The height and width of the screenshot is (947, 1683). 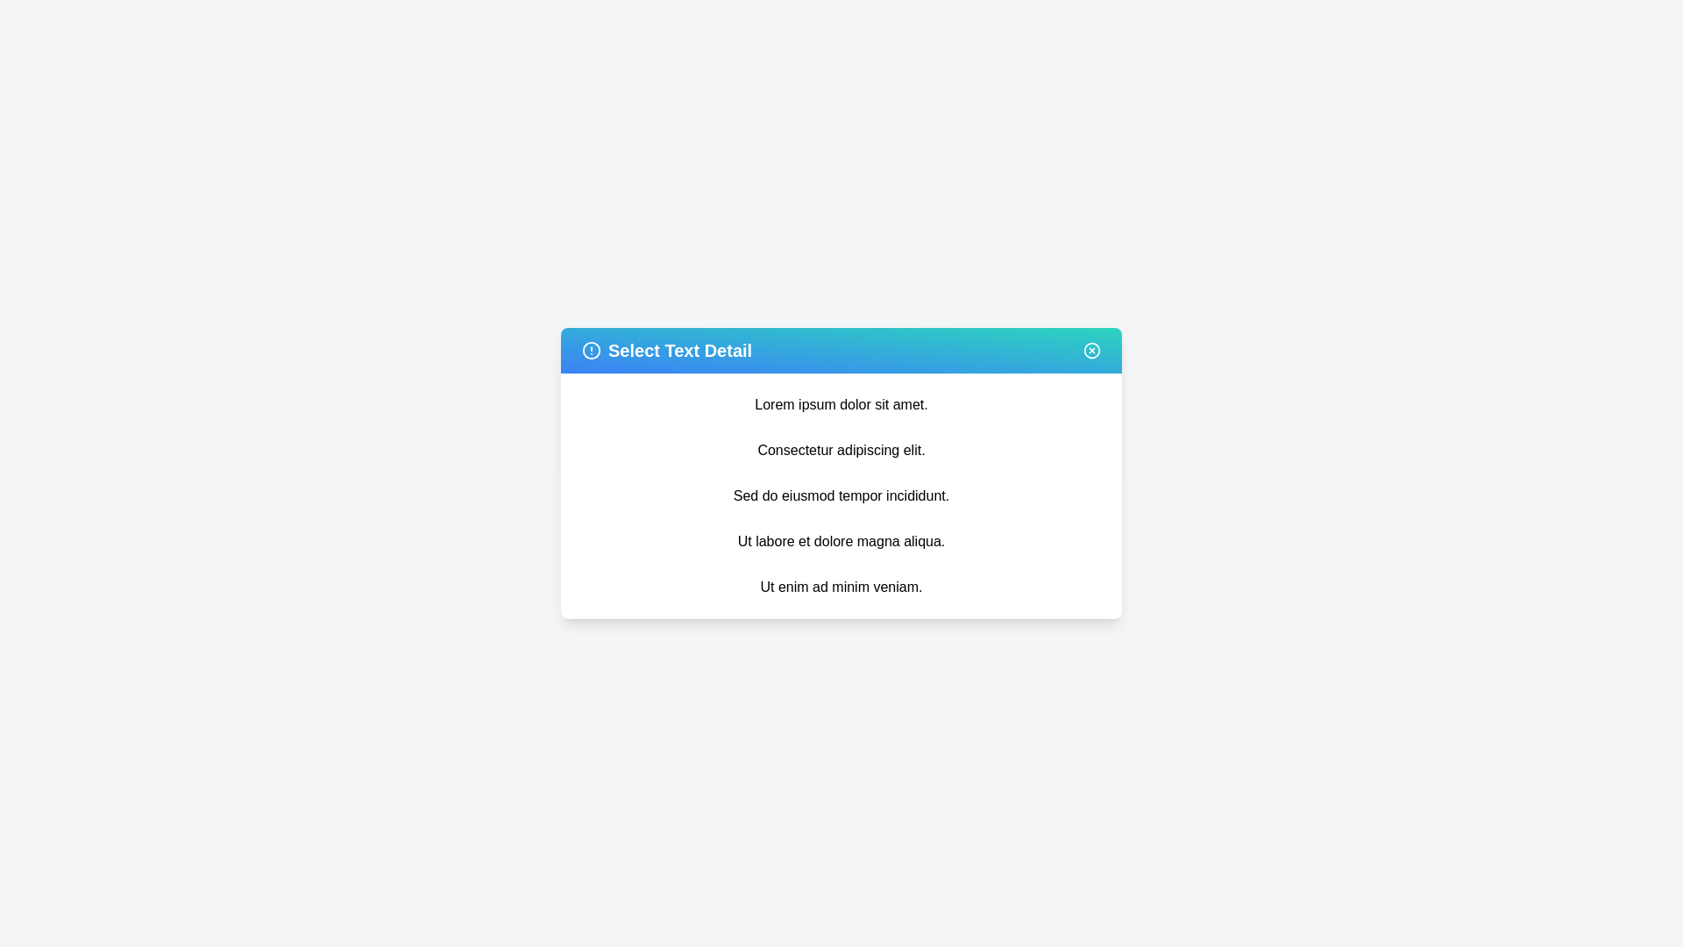 I want to click on the text item 'Consectetur adipiscing elit.' from the list, so click(x=841, y=449).